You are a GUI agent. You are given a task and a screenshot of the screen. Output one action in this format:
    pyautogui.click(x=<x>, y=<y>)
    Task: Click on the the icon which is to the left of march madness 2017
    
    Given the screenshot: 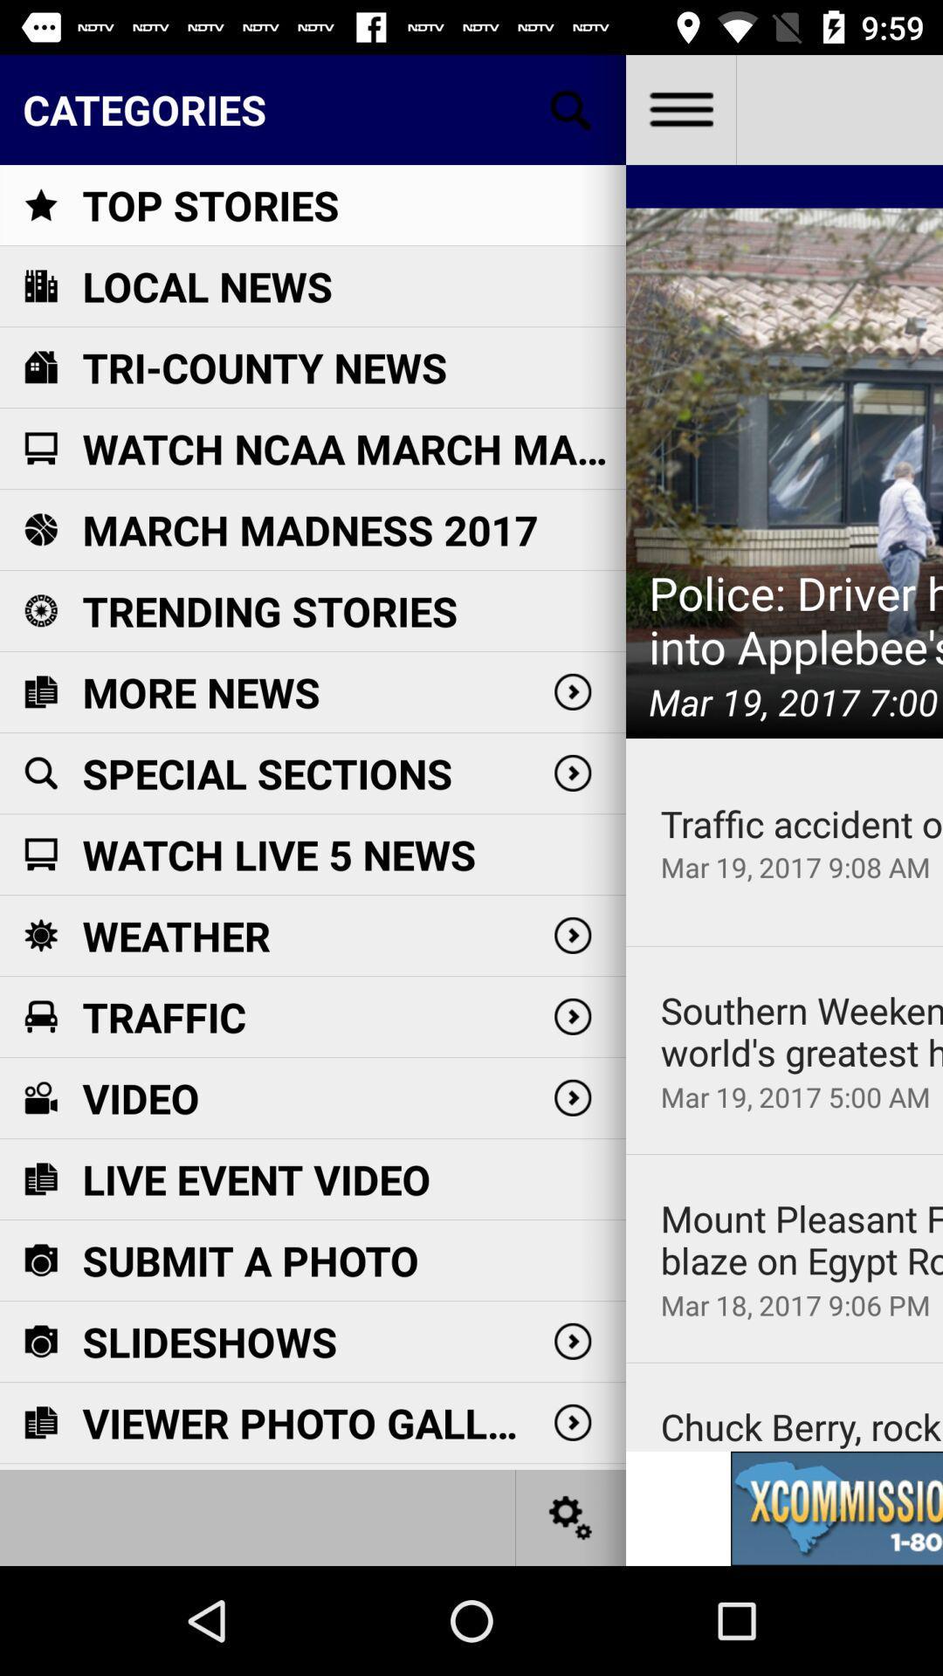 What is the action you would take?
    pyautogui.click(x=39, y=528)
    